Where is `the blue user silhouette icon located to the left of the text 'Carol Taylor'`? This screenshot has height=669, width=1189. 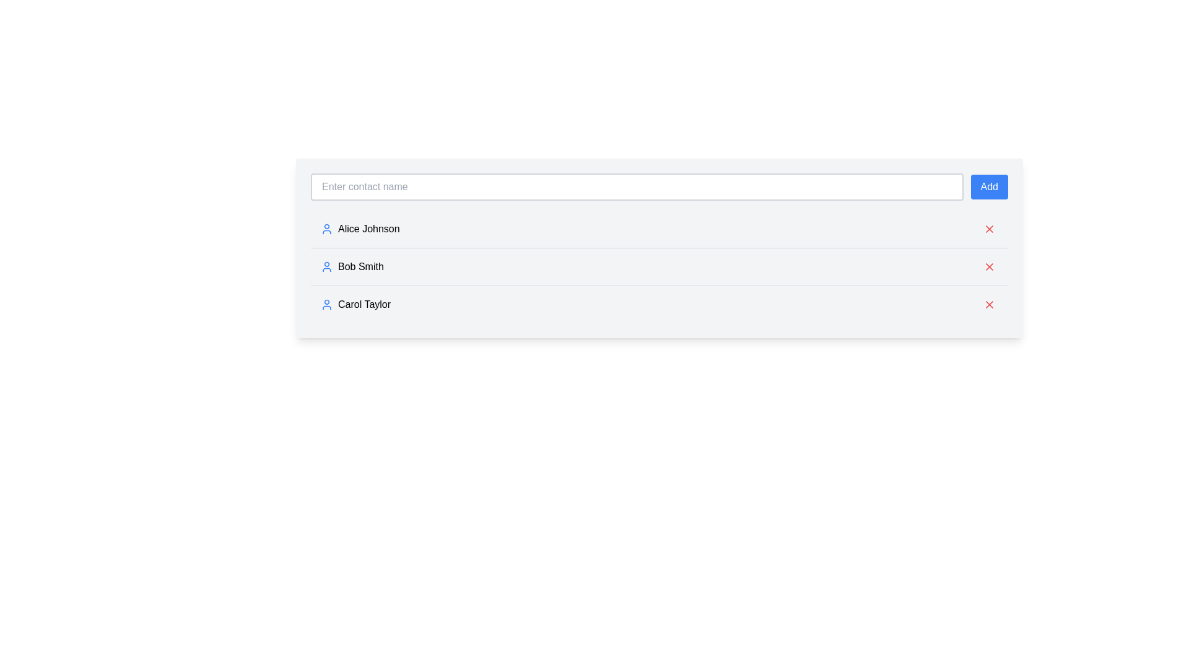 the blue user silhouette icon located to the left of the text 'Carol Taylor' is located at coordinates (327, 305).